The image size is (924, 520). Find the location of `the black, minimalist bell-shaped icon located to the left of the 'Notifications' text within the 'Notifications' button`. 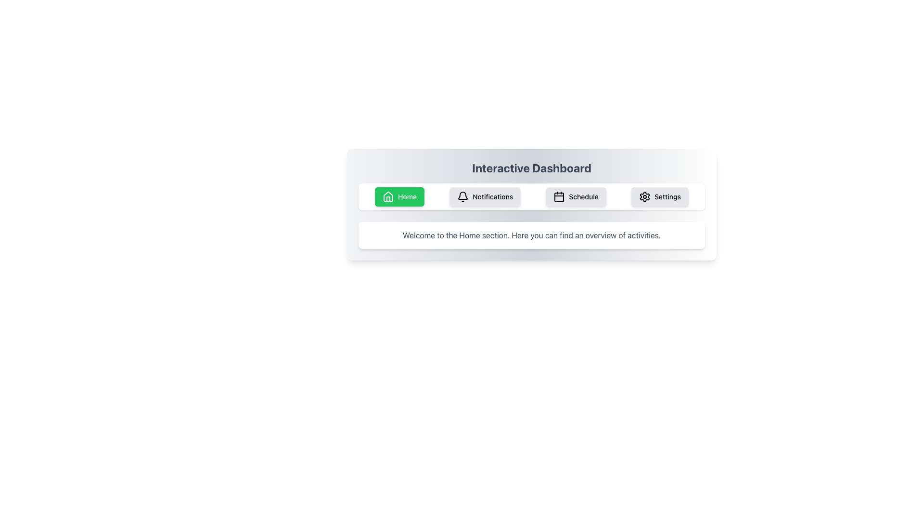

the black, minimalist bell-shaped icon located to the left of the 'Notifications' text within the 'Notifications' button is located at coordinates (463, 196).